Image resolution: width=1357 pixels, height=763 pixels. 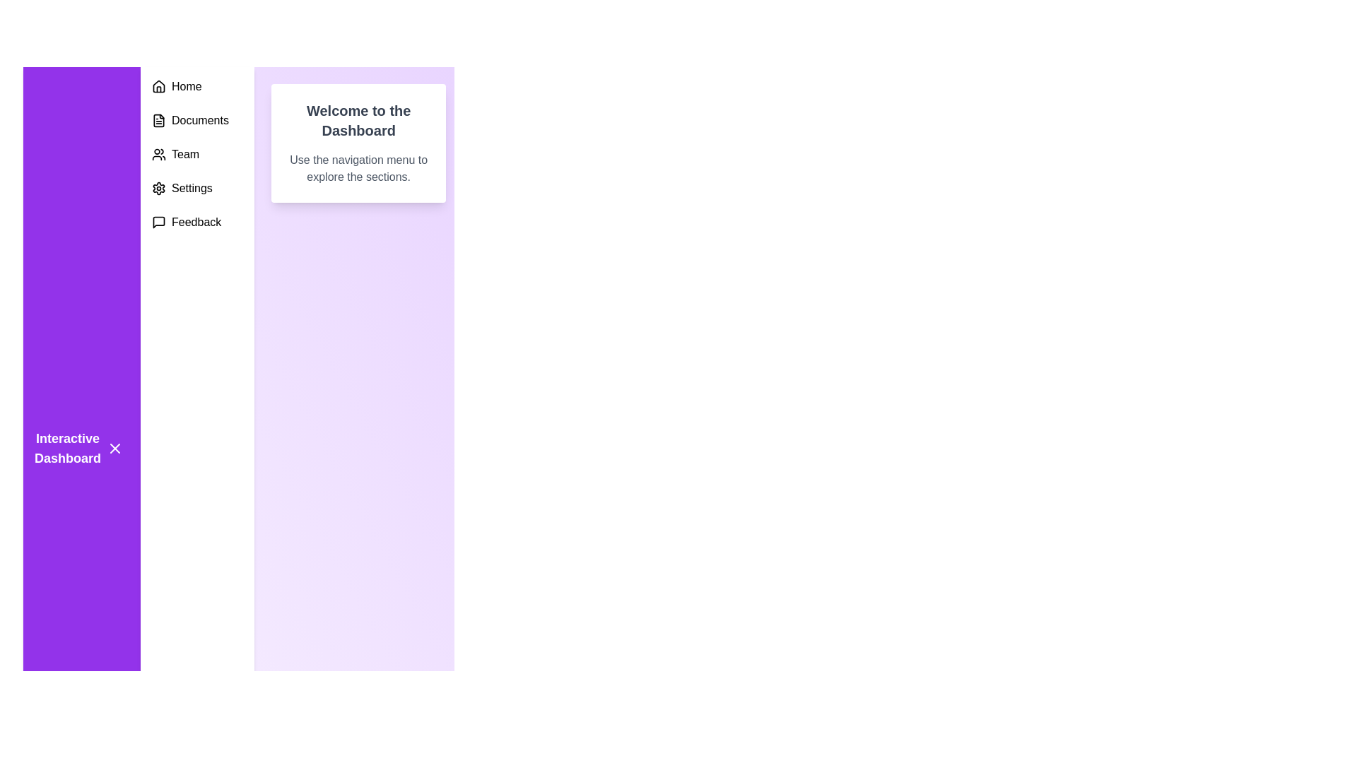 What do you see at coordinates (196, 87) in the screenshot?
I see `the 'Home' navigation menu item icon, which resembles a house` at bounding box center [196, 87].